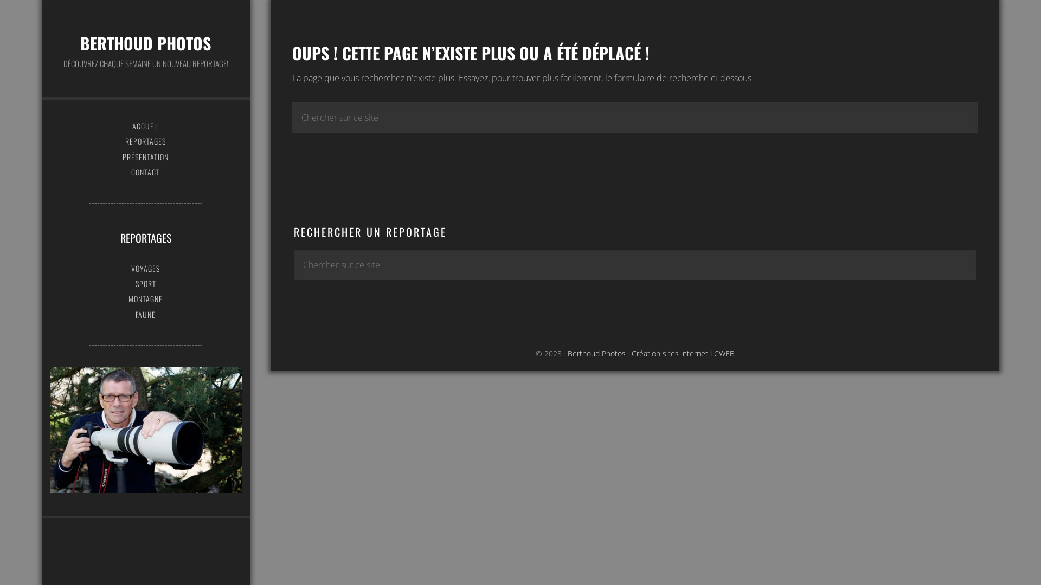 Image resolution: width=1041 pixels, height=585 pixels. Describe the element at coordinates (145, 315) in the screenshot. I see `'FAUNE'` at that location.